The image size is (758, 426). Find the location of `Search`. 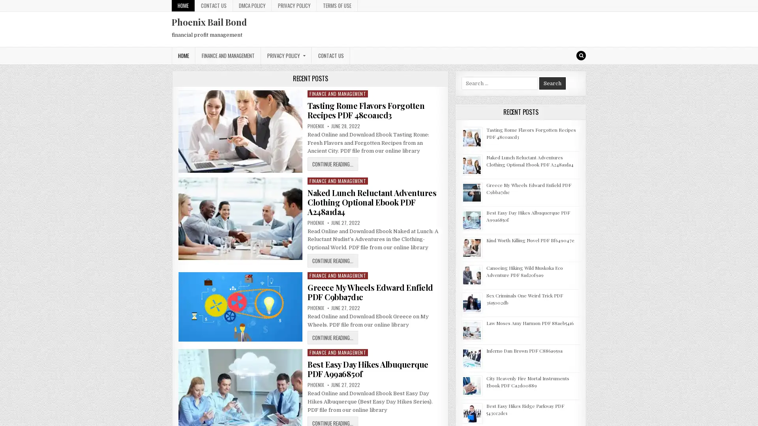

Search is located at coordinates (552, 83).